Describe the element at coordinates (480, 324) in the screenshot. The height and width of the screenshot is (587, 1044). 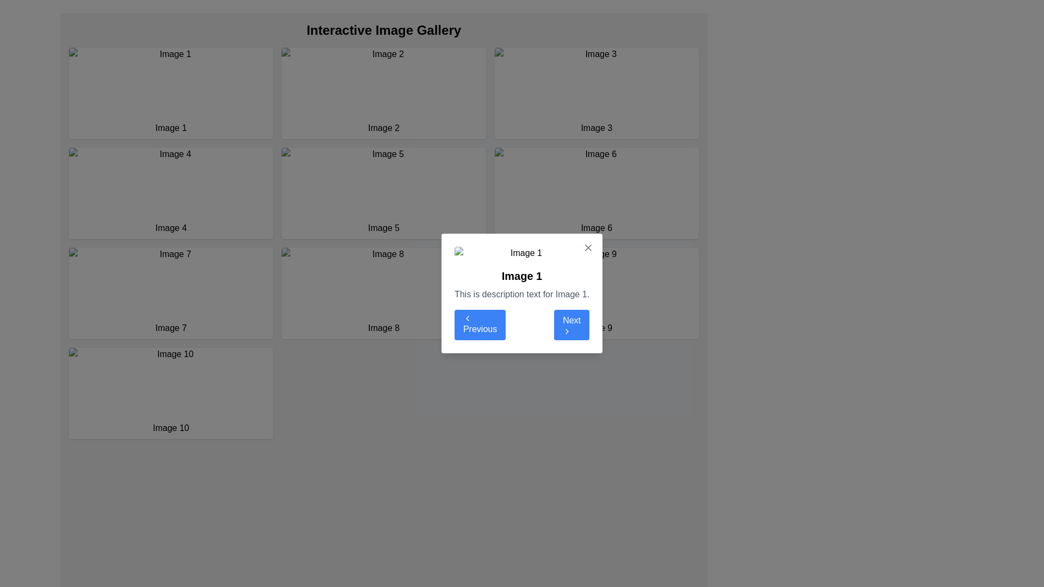
I see `the 'Previous' button` at that location.